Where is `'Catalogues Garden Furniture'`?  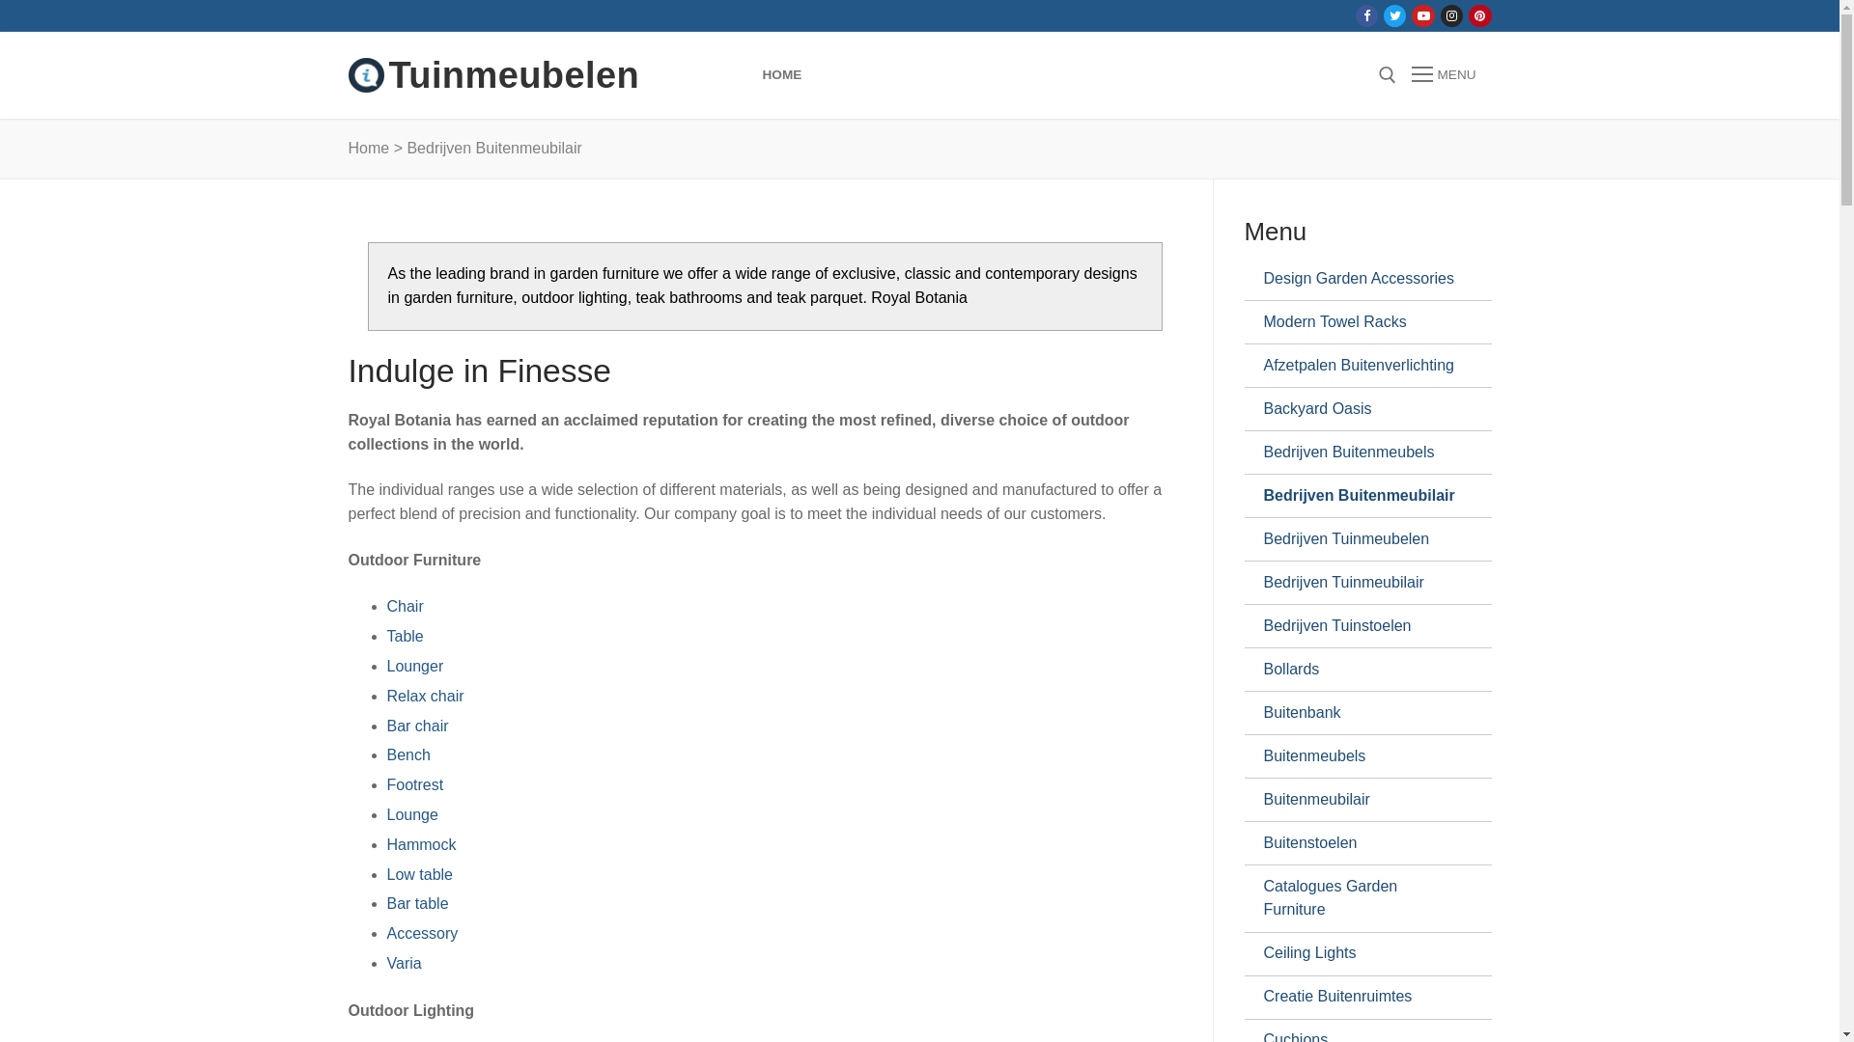
'Catalogues Garden Furniture' is located at coordinates (1358, 898).